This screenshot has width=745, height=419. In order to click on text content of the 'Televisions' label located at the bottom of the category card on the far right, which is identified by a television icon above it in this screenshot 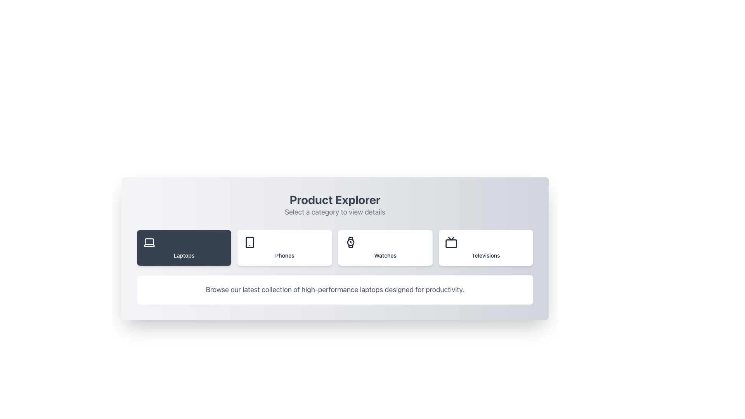, I will do `click(485, 256)`.